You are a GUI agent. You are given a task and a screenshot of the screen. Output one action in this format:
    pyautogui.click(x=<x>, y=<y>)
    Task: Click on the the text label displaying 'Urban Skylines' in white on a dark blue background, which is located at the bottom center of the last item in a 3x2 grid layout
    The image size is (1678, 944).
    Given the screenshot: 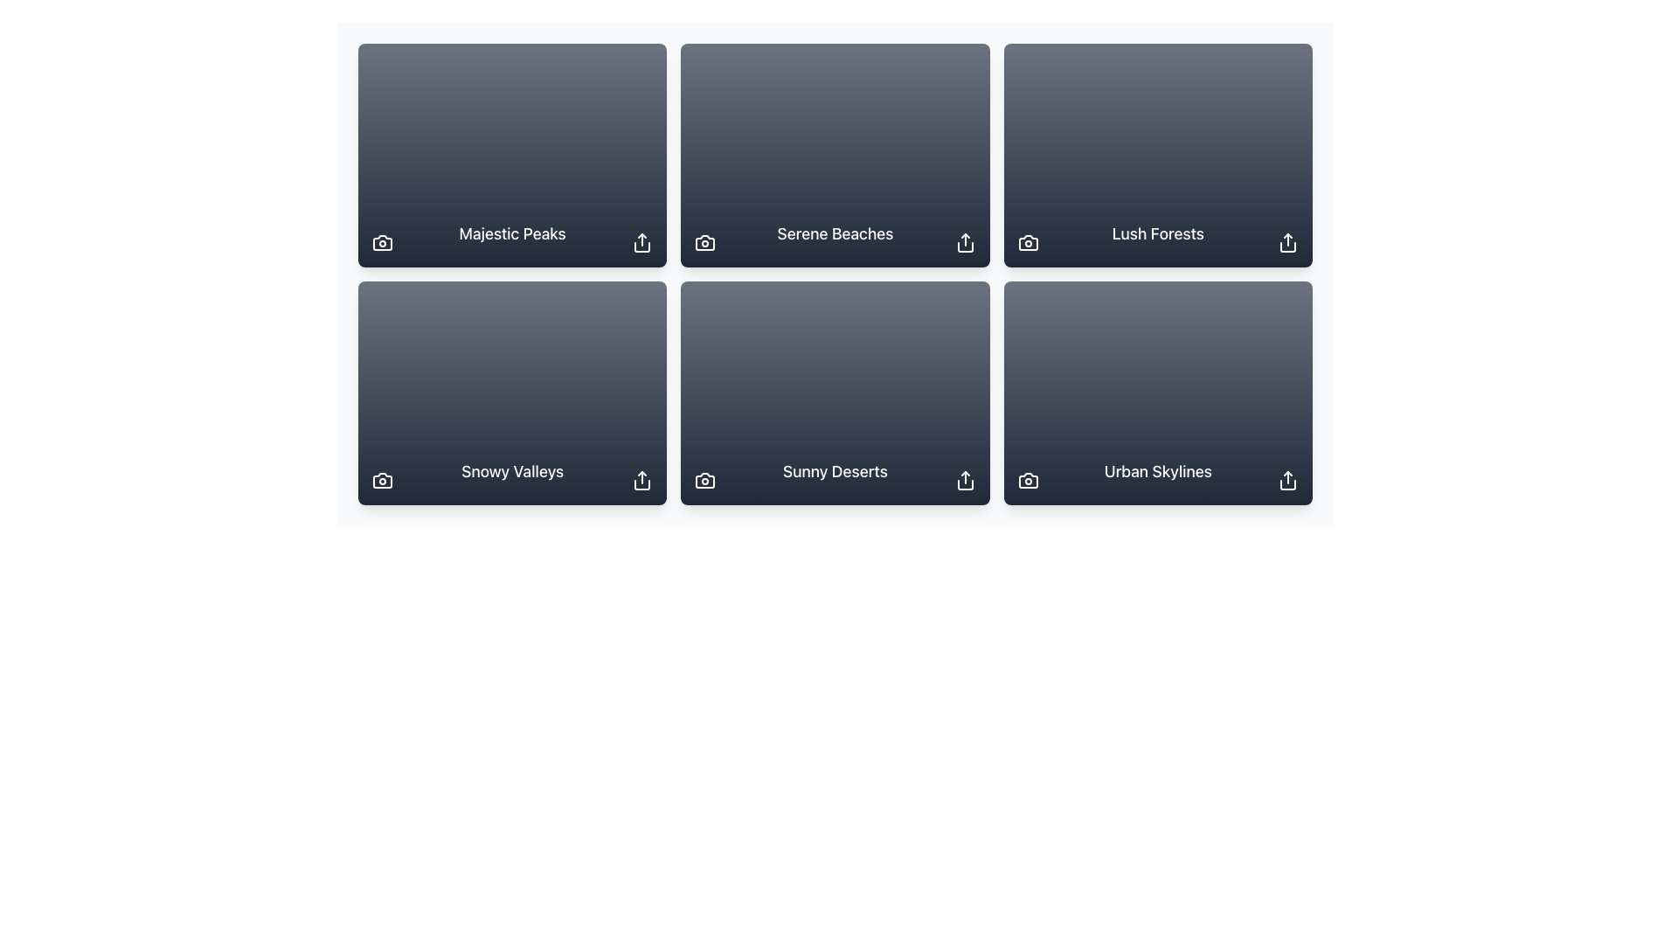 What is the action you would take?
    pyautogui.click(x=1158, y=472)
    